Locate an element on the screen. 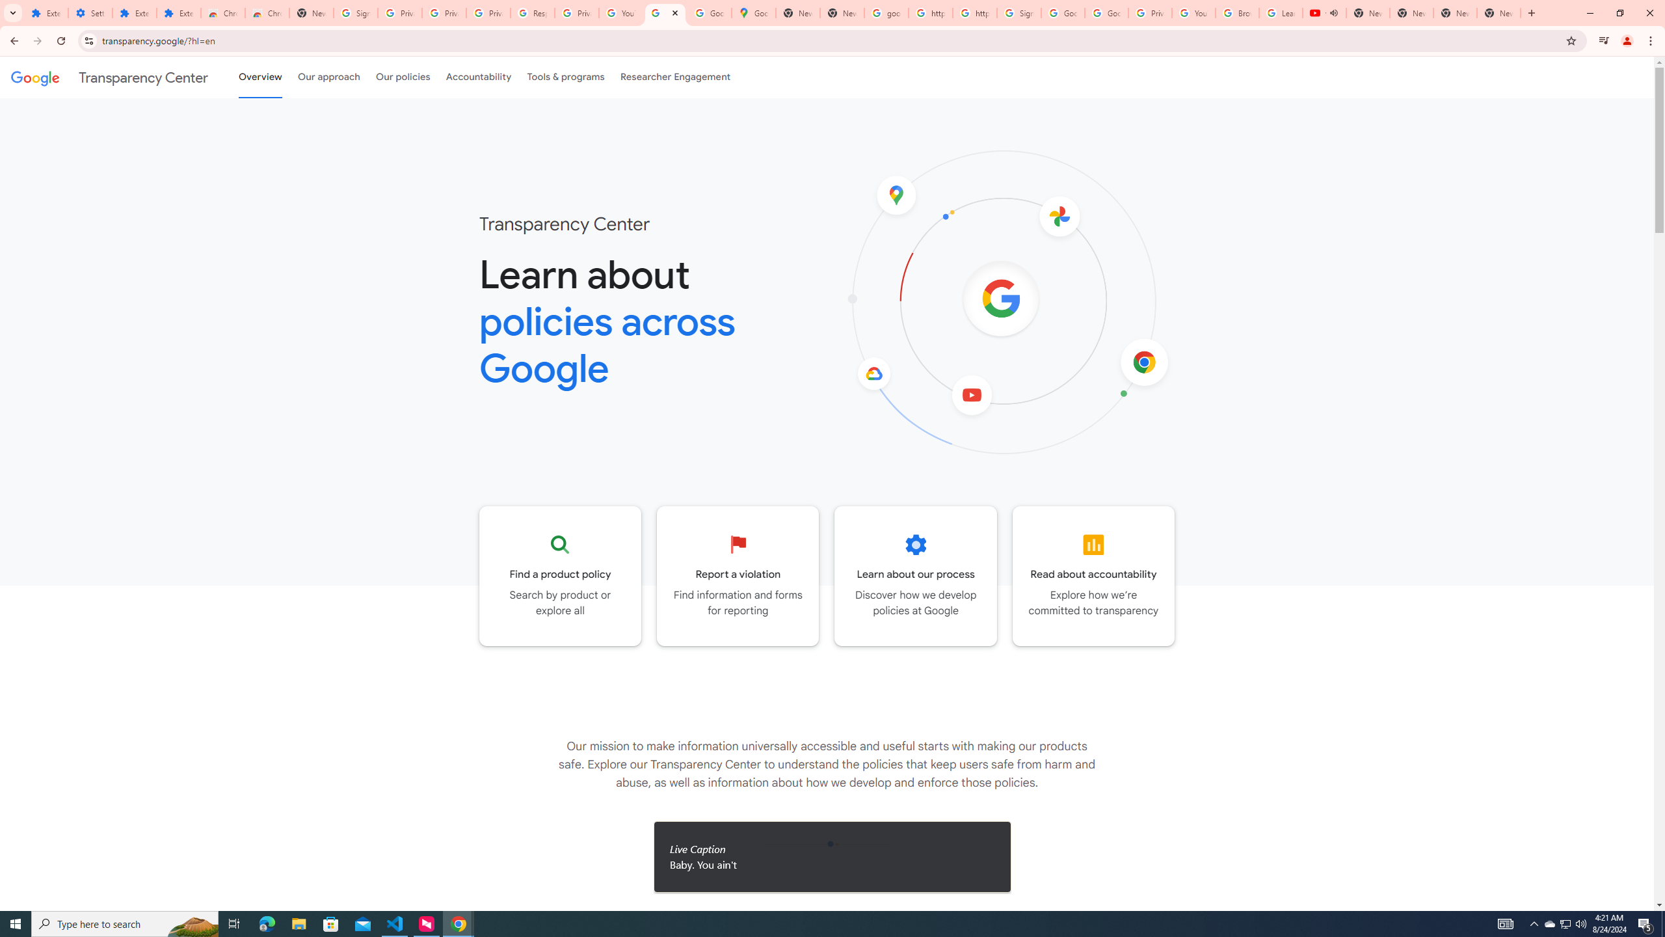 This screenshot has width=1665, height=937. 'Transparency Center' is located at coordinates (109, 77).